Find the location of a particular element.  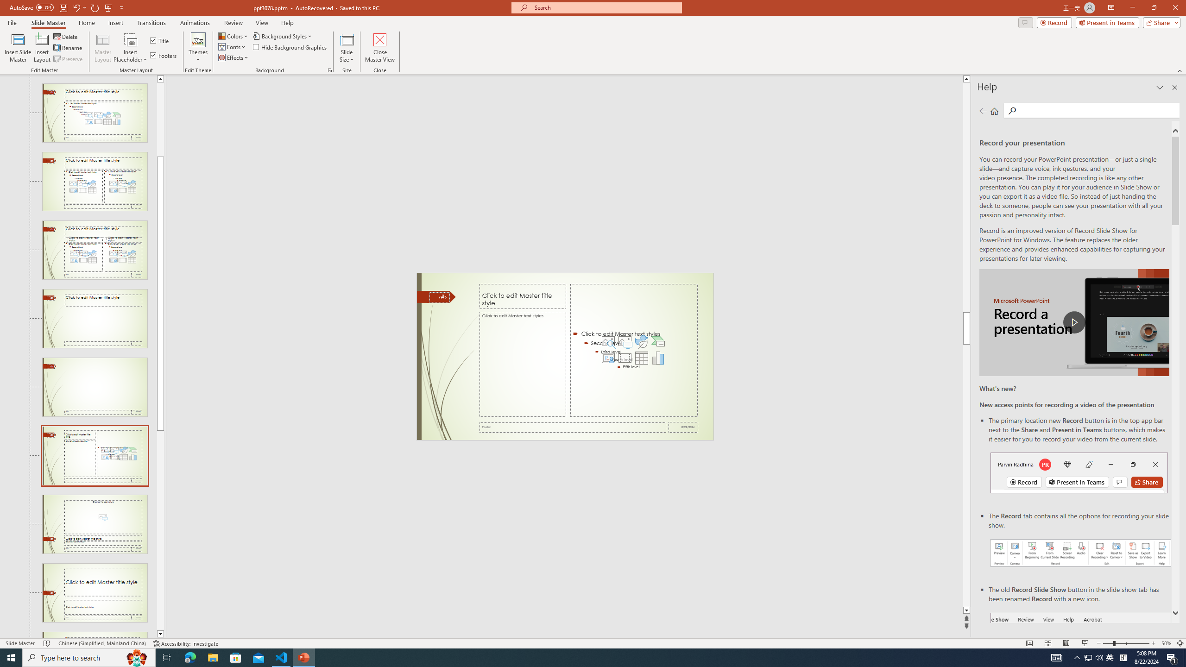

'Delete' is located at coordinates (66, 36).